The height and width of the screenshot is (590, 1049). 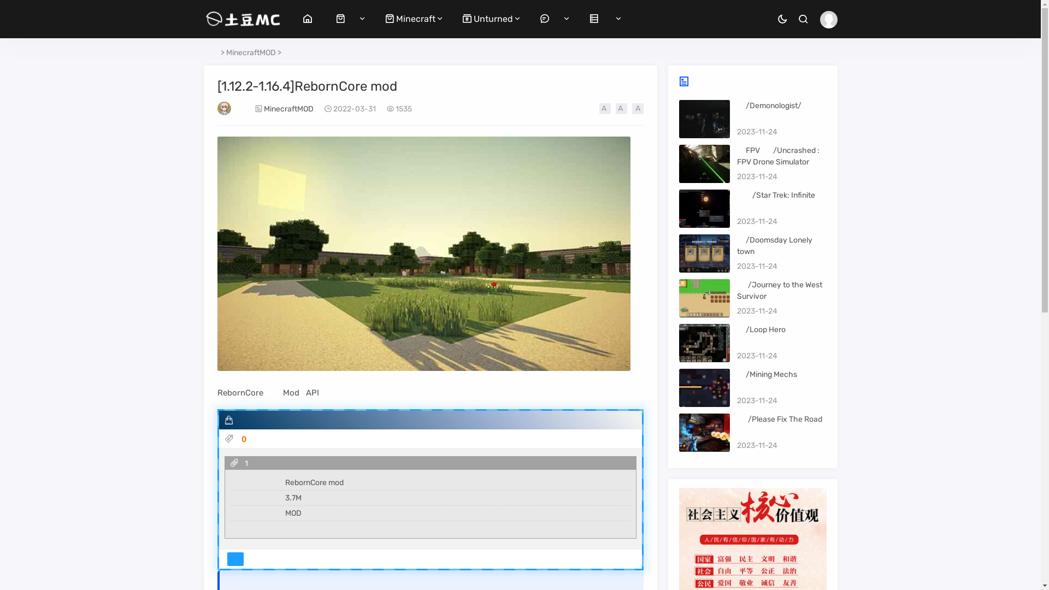 I want to click on 'MinecraftMOD', so click(x=250, y=52).